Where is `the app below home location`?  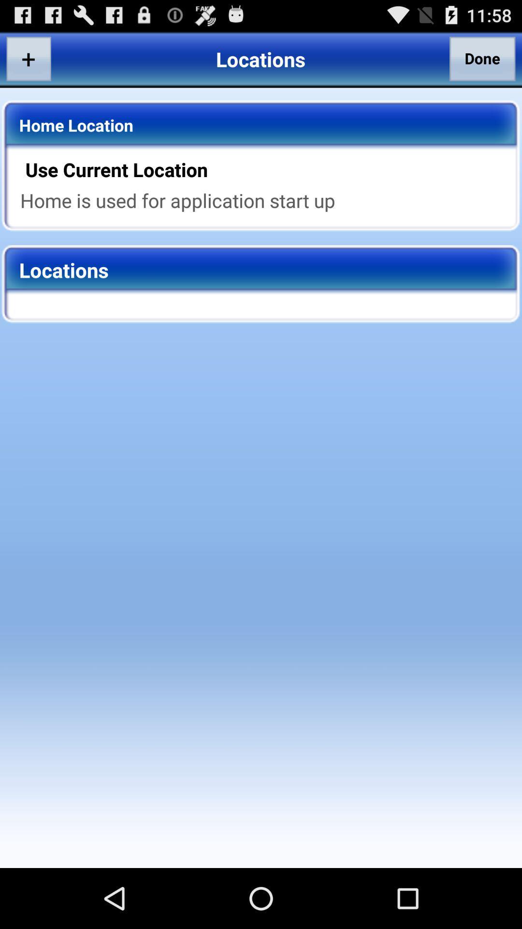
the app below home location is located at coordinates (267, 169).